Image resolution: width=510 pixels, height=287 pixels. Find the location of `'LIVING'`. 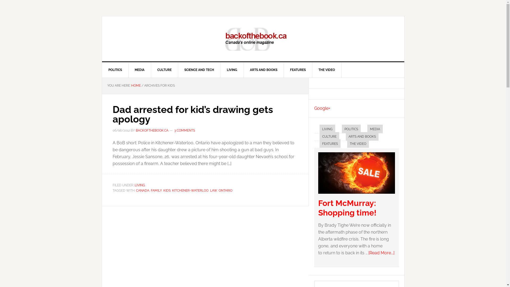

'LIVING' is located at coordinates (139, 185).